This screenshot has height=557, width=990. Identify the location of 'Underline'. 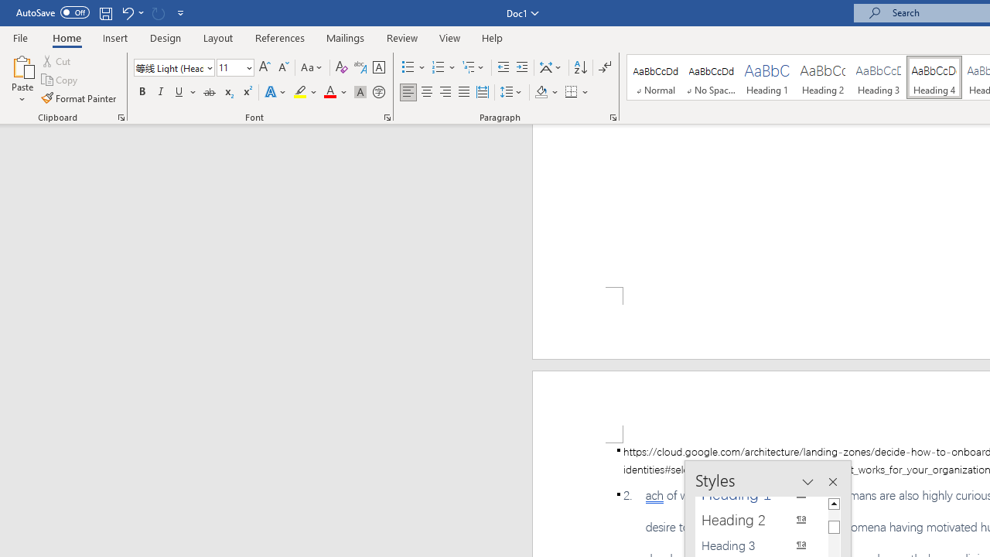
(186, 92).